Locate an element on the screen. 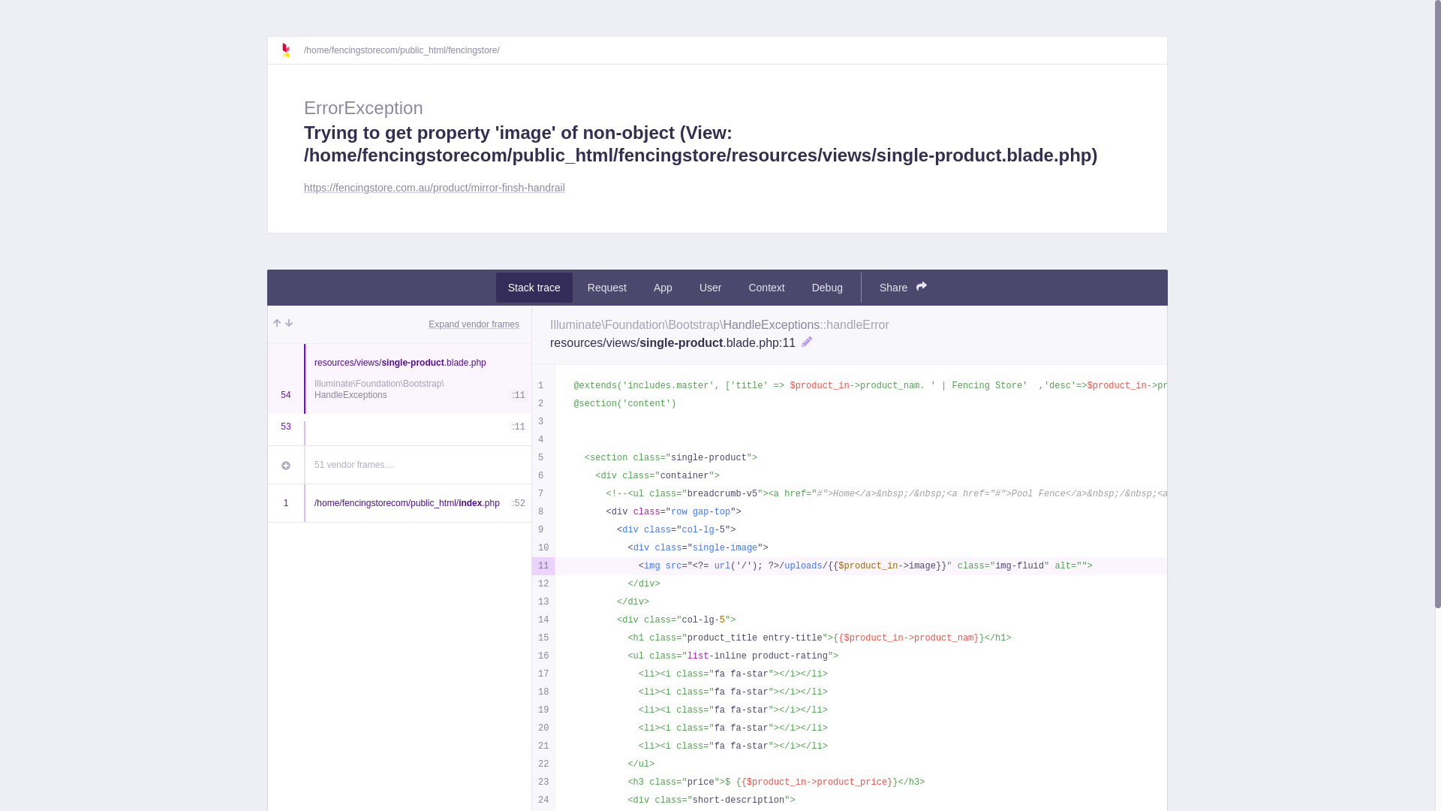 This screenshot has height=811, width=1441. 'Frame up (Key:K)' is located at coordinates (277, 324).